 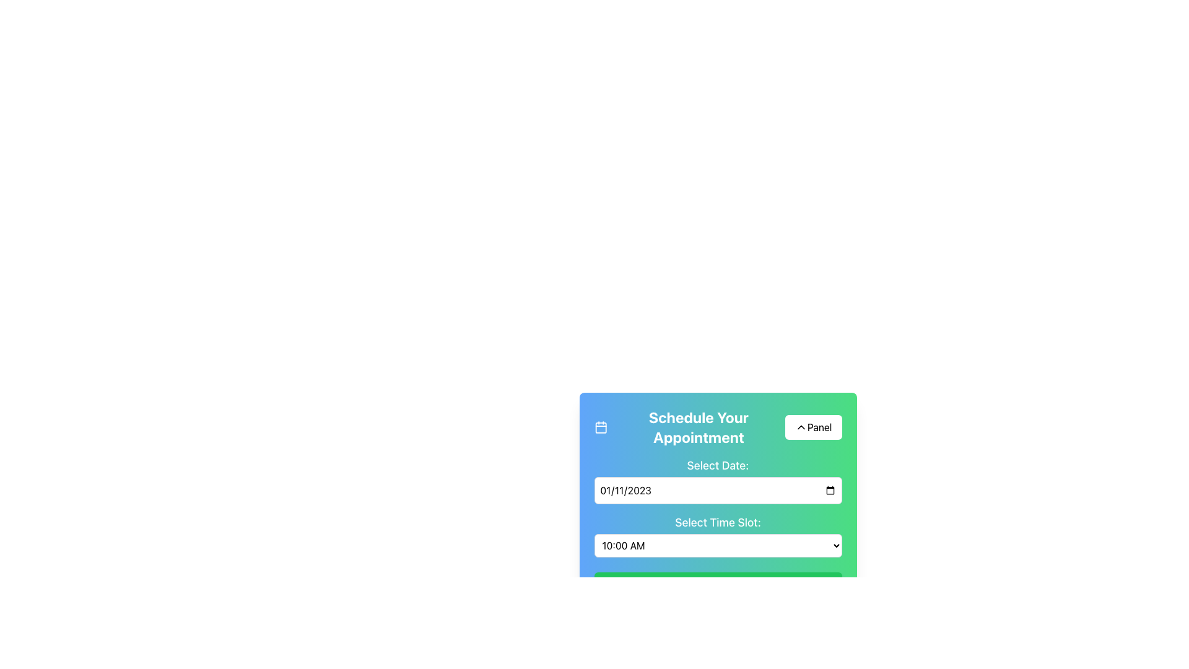 What do you see at coordinates (601, 427) in the screenshot?
I see `the decorative icon located to the left of the text 'Schedule Your Appointment', which indicates the calendaring functionality of its section` at bounding box center [601, 427].